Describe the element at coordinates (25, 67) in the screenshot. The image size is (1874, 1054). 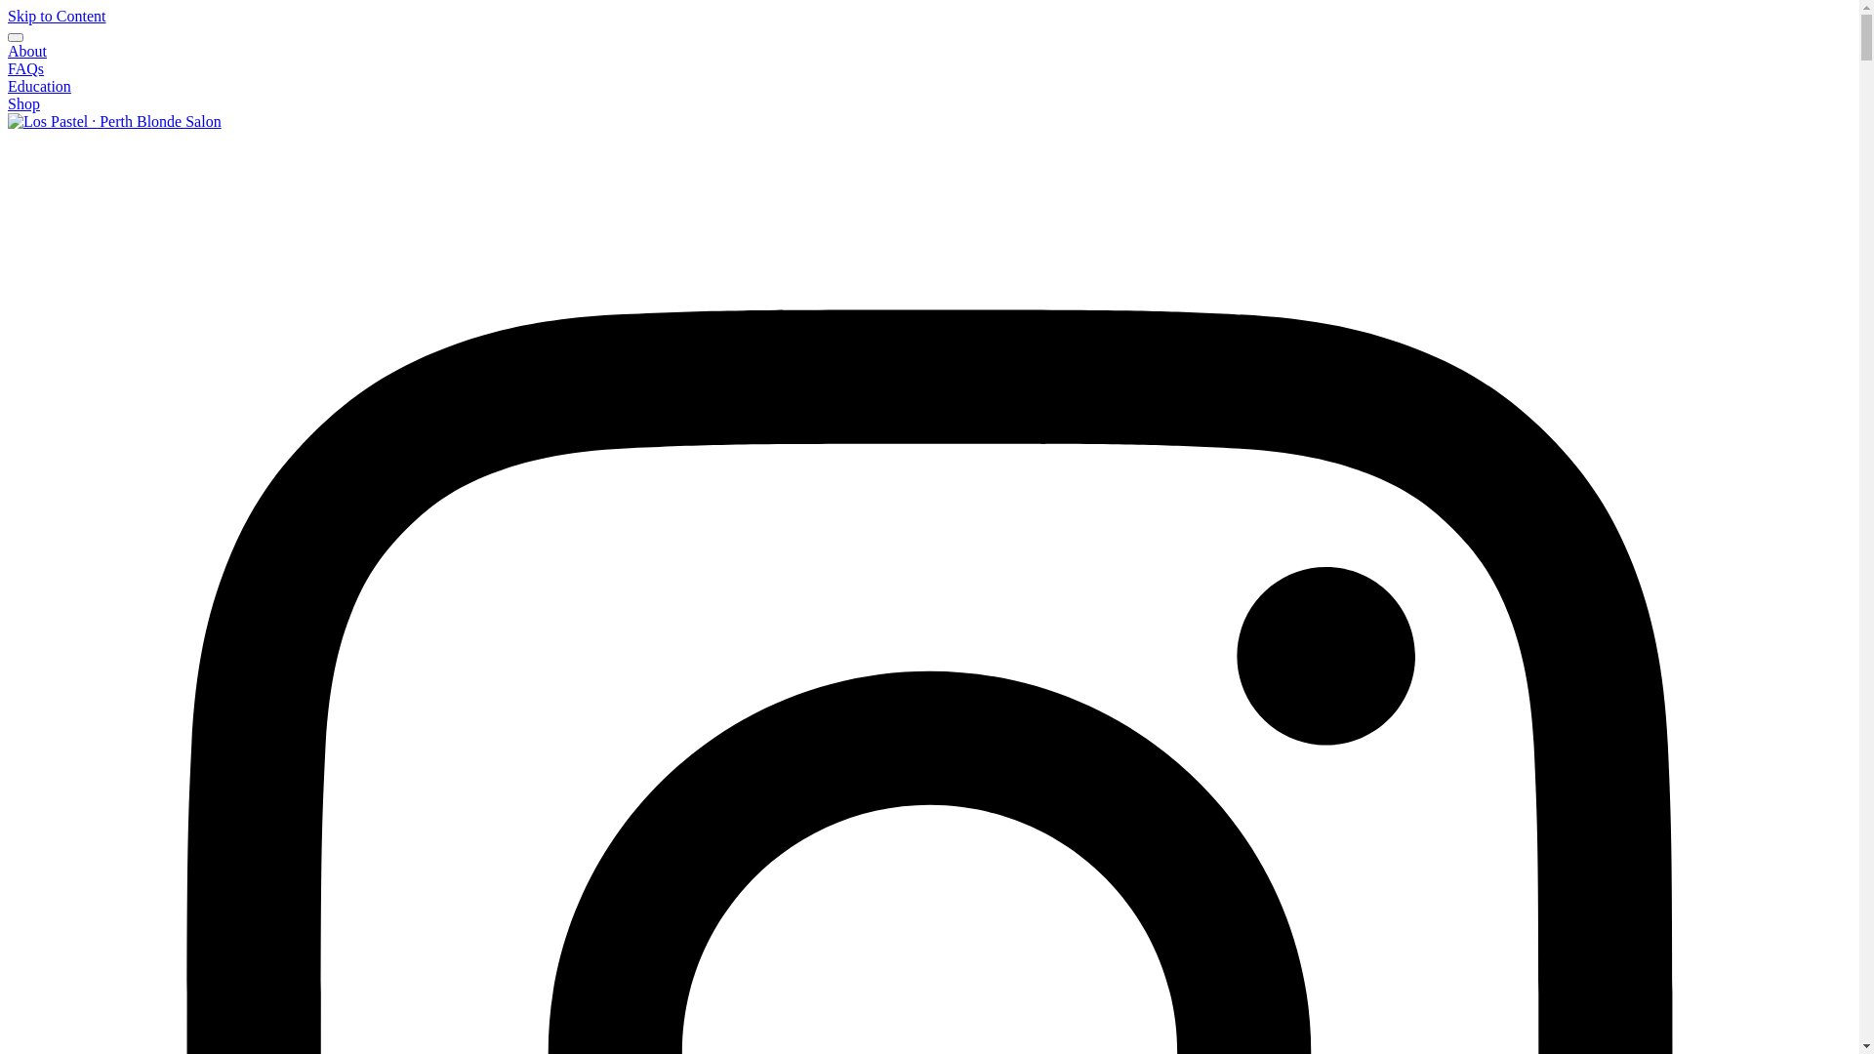
I see `'FAQs'` at that location.